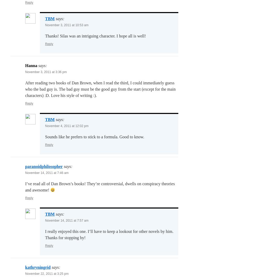 Image resolution: width=257 pixels, height=279 pixels. Describe the element at coordinates (46, 72) in the screenshot. I see `'November 3, 2011 at 3:36 pm'` at that location.